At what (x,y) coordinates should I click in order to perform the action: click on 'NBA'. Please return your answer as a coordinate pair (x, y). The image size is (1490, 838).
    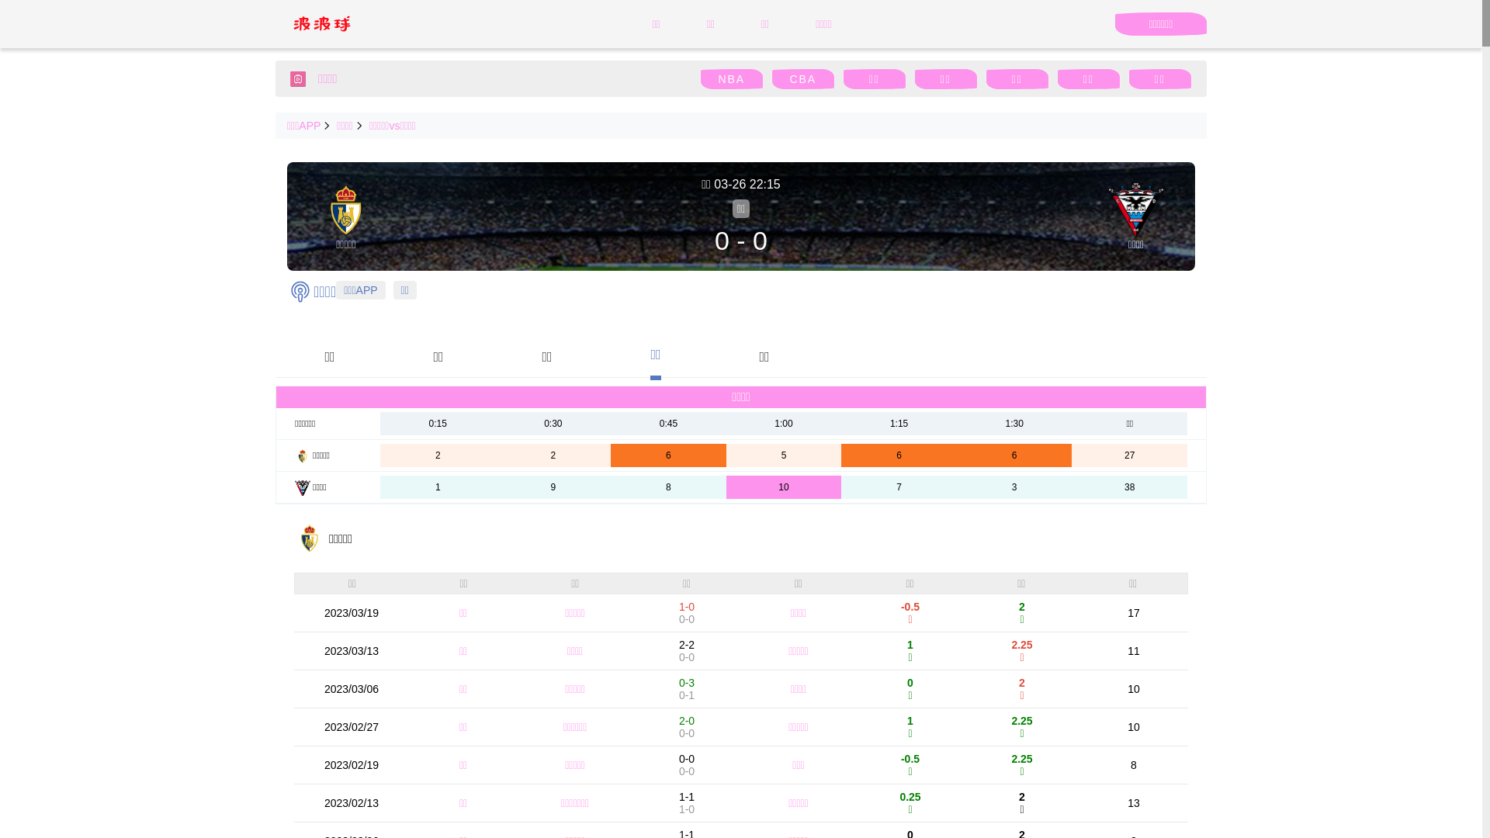
    Looking at the image, I should click on (717, 78).